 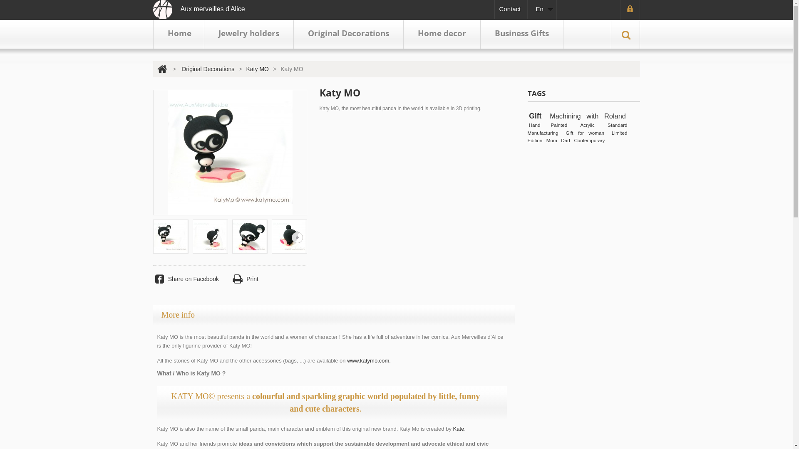 What do you see at coordinates (548, 125) in the screenshot?
I see `'Hand Painted'` at bounding box center [548, 125].